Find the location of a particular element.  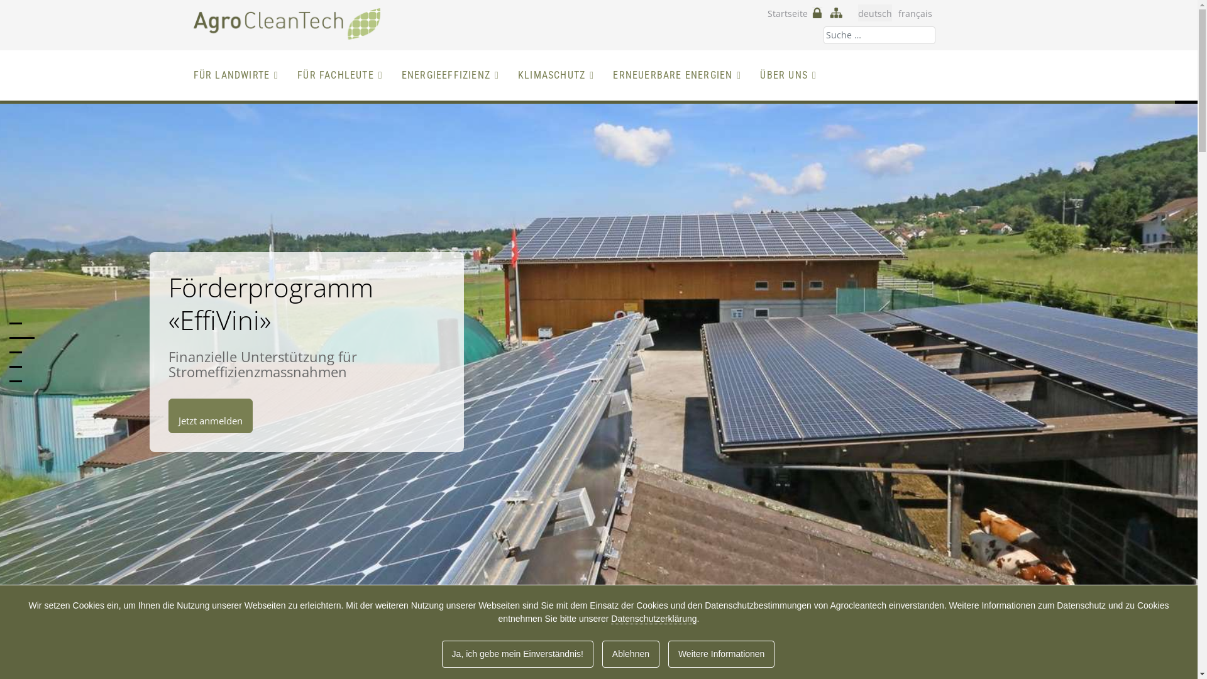

'Jetzt anmelden' is located at coordinates (211, 416).